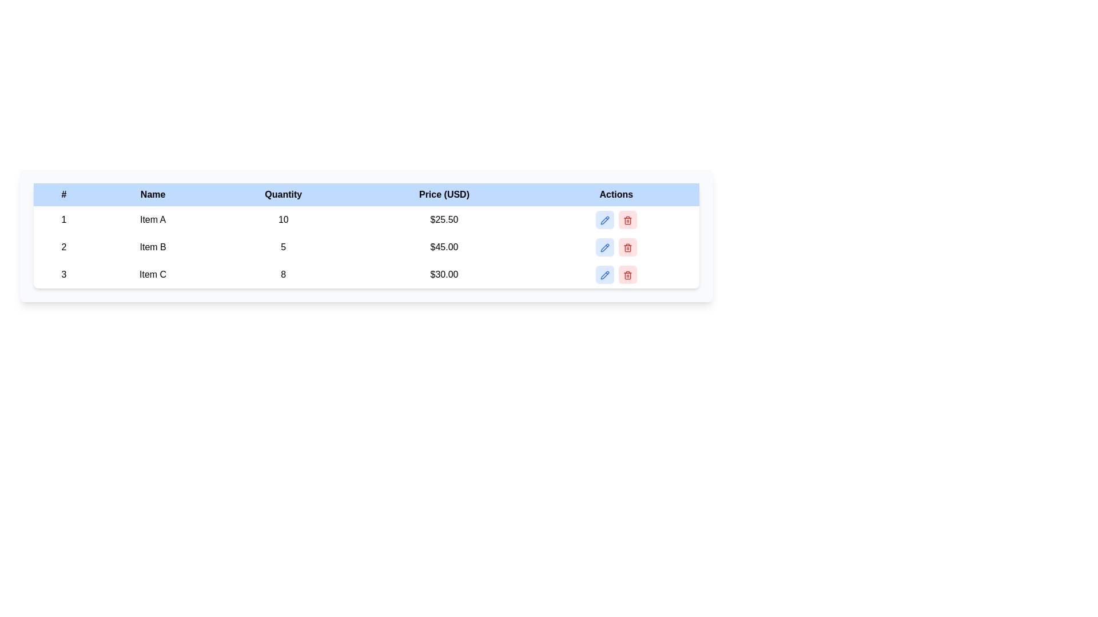 This screenshot has width=1098, height=617. I want to click on the Table Header Cell that serves as a title for the names column, located between the '#' column and the 'Quantity' column, so click(152, 194).